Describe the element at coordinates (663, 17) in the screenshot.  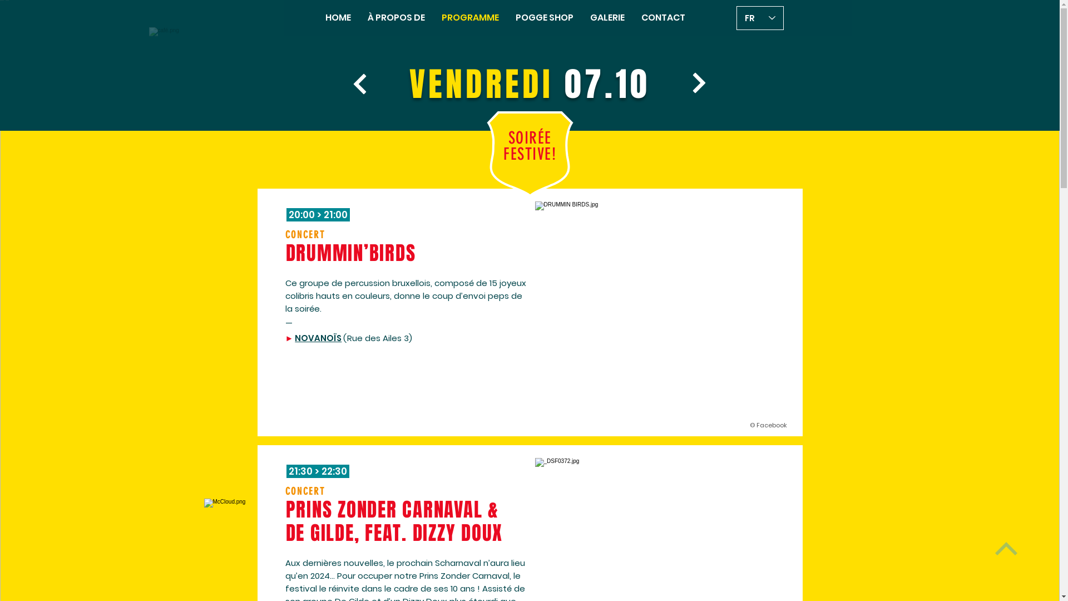
I see `'CONTACT'` at that location.